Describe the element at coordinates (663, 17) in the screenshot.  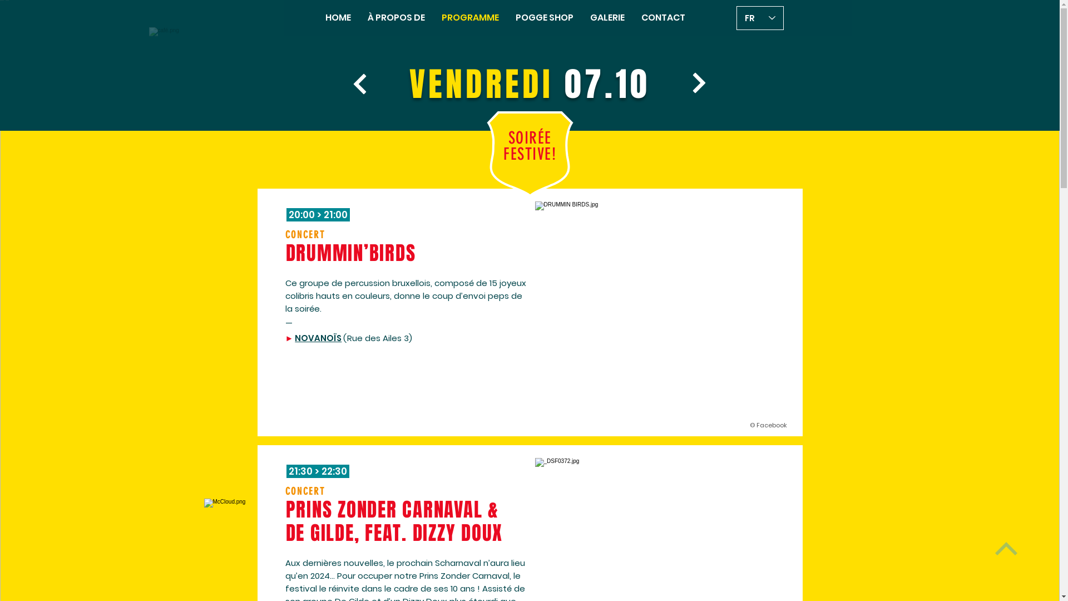
I see `'CONTACT'` at that location.